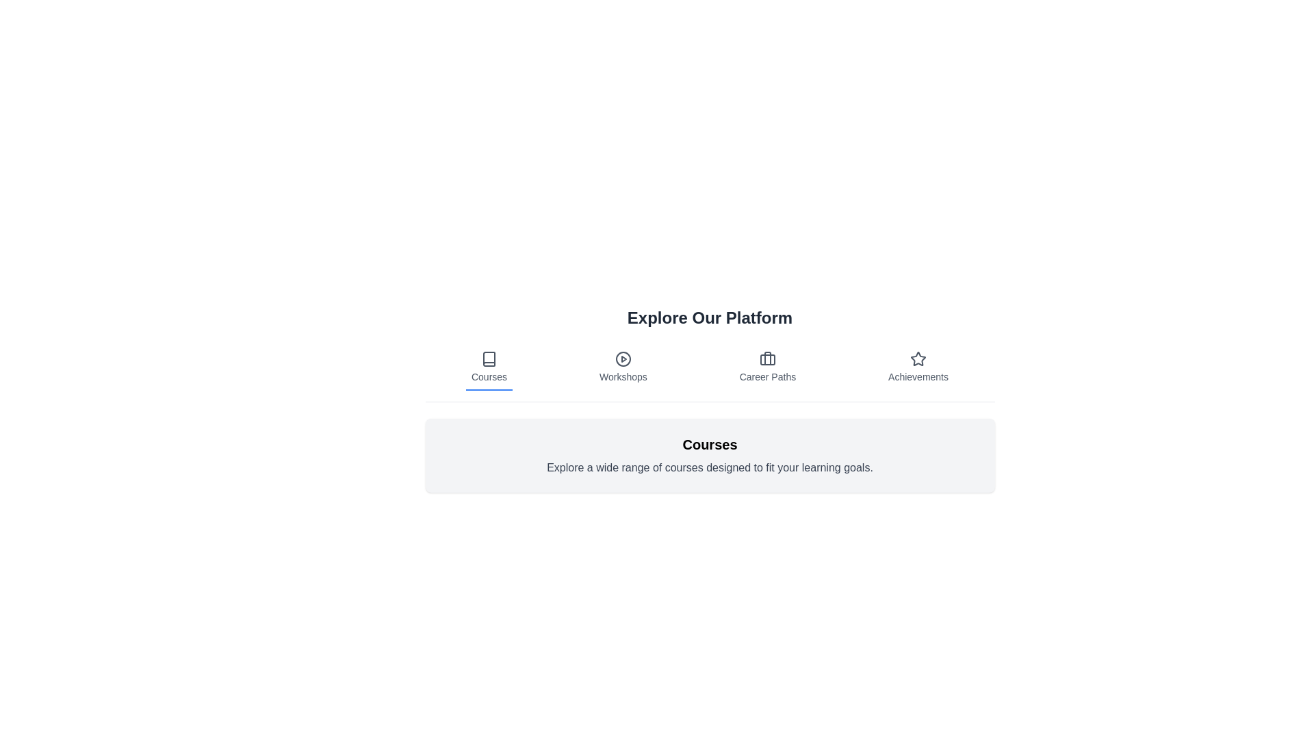 Image resolution: width=1314 pixels, height=739 pixels. I want to click on the tab labeled Career Paths to view its content, so click(767, 367).